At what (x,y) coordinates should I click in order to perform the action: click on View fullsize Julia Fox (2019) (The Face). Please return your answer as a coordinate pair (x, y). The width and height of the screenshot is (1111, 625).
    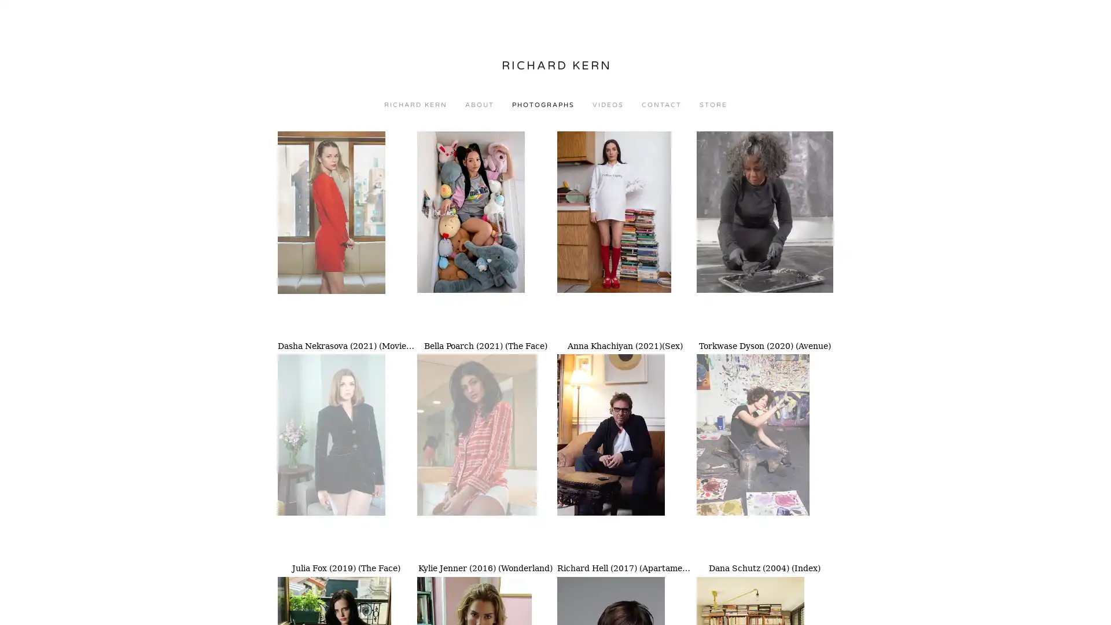
    Looking at the image, I should click on (345, 455).